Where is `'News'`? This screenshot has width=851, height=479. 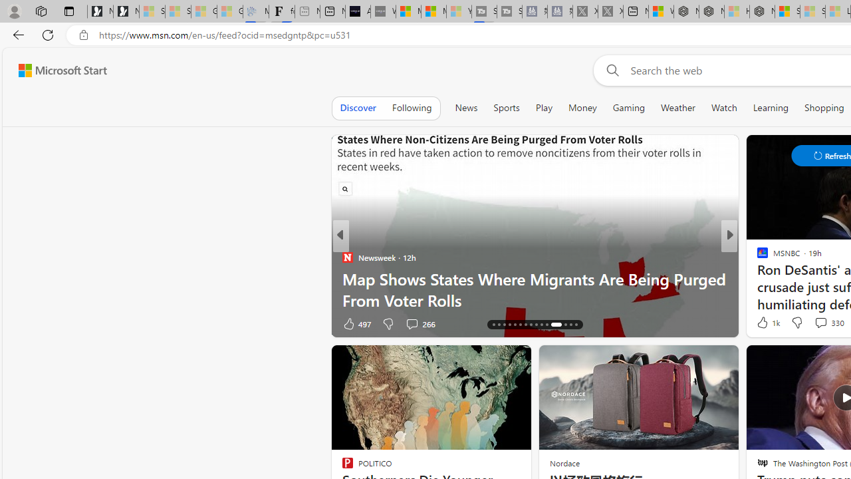 'News' is located at coordinates (466, 107).